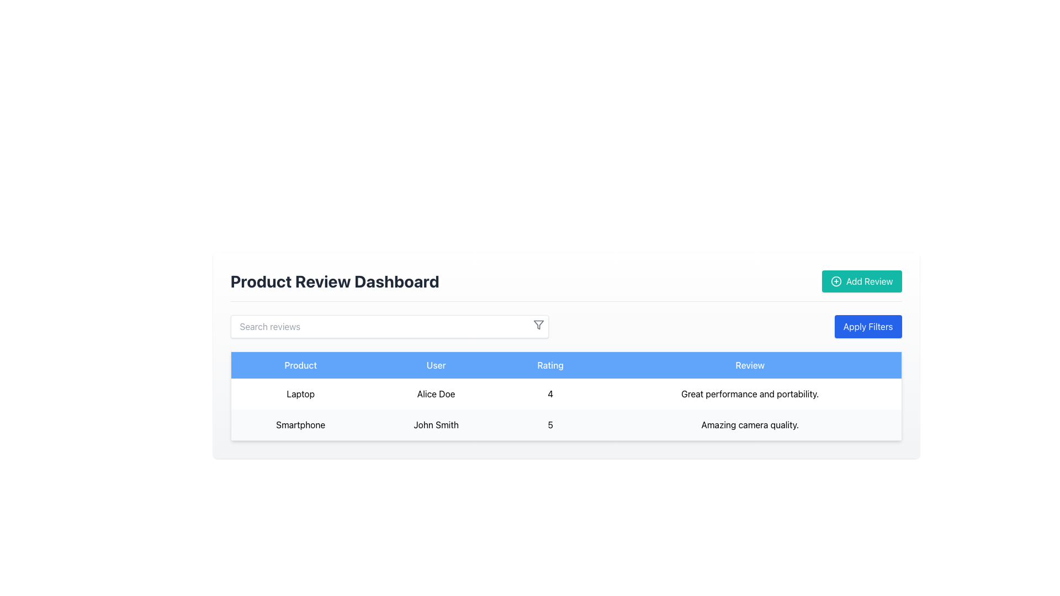 The height and width of the screenshot is (596, 1060). What do you see at coordinates (300, 424) in the screenshot?
I see `the static text label displaying the product name in the second row of the table under the 'Product' column` at bounding box center [300, 424].